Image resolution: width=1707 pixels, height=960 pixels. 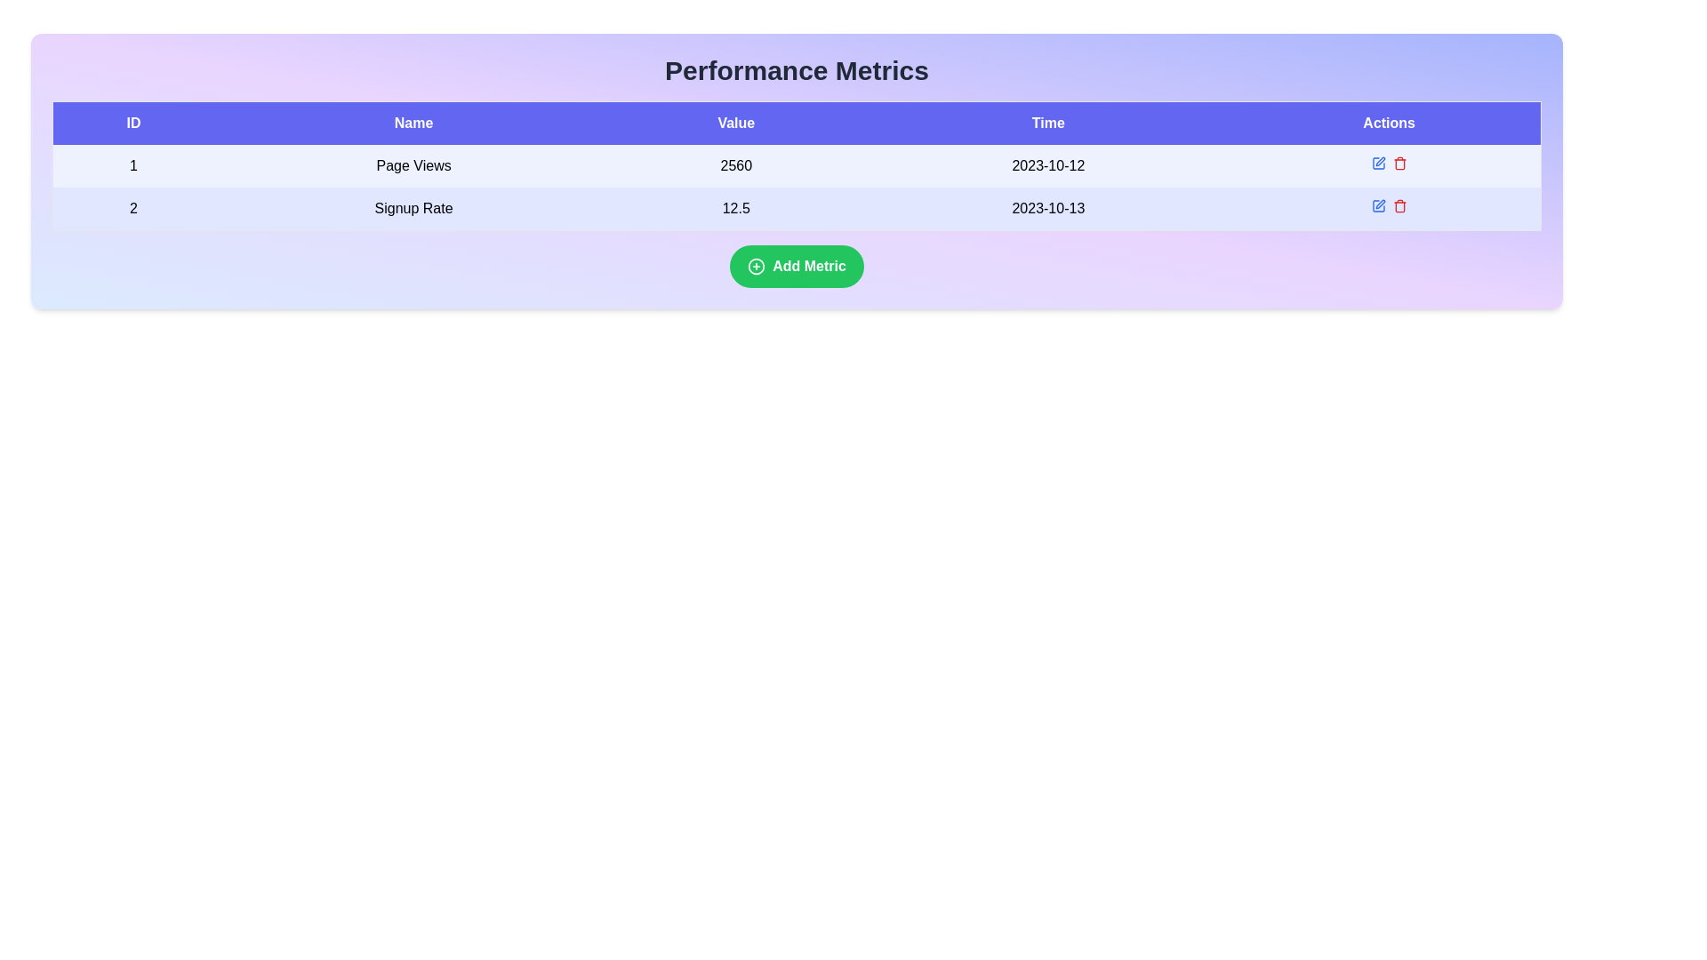 What do you see at coordinates (1048, 208) in the screenshot?
I see `the table cell containing the text '2023-10-13' in the second row and fourth column of the 'Performance Metrics' table` at bounding box center [1048, 208].